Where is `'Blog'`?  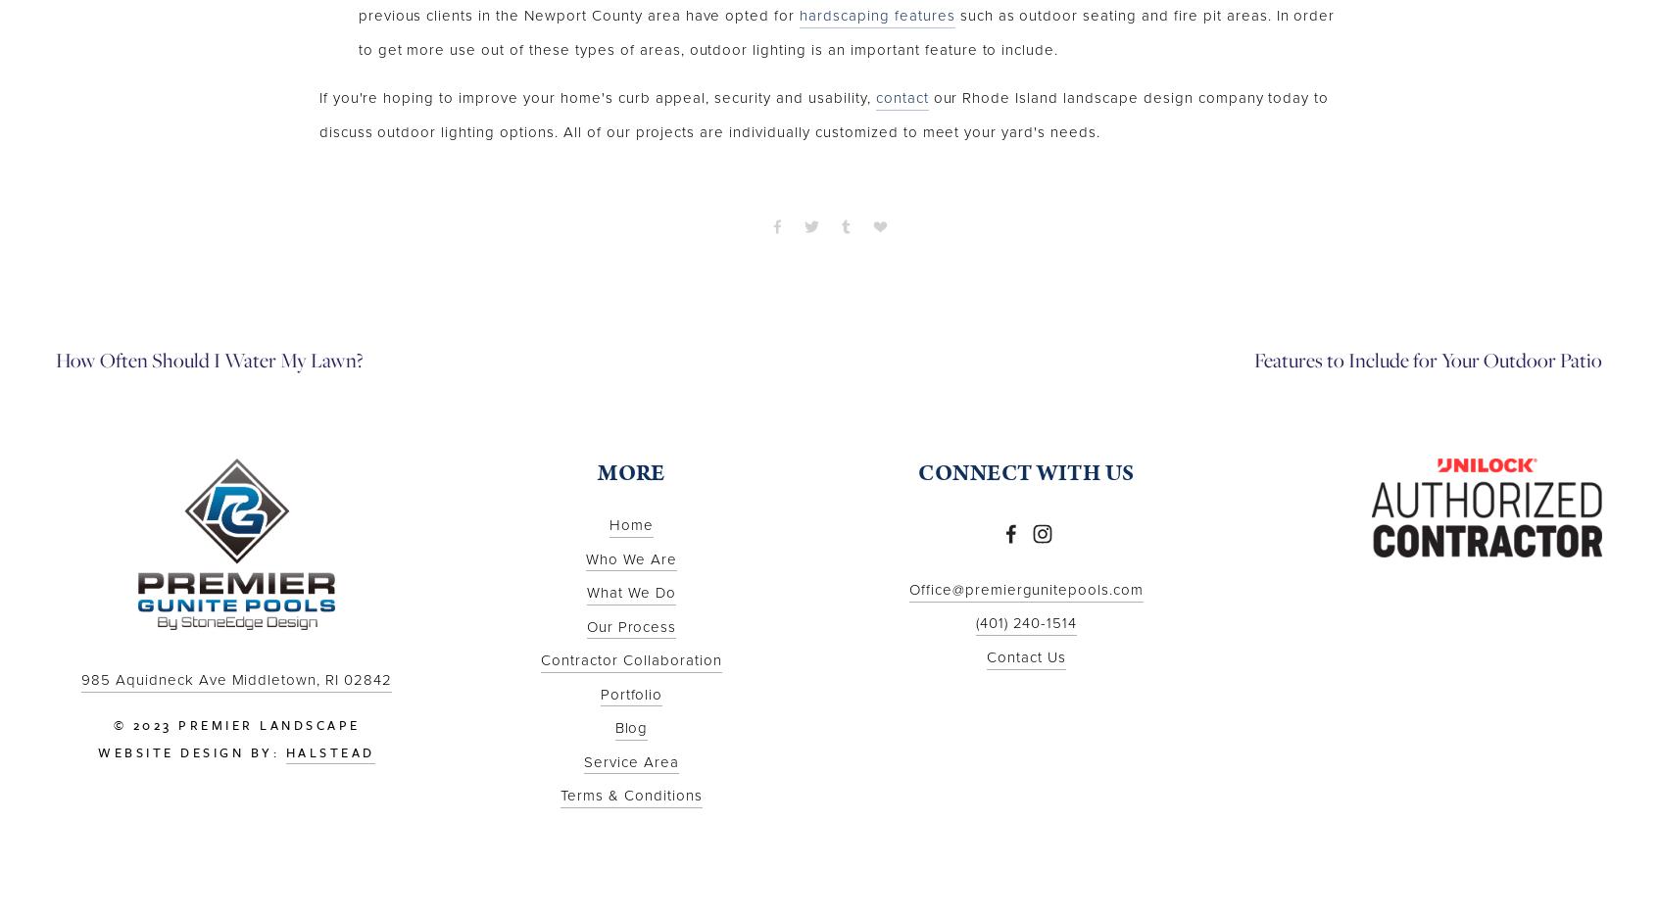
'Blog' is located at coordinates (630, 728).